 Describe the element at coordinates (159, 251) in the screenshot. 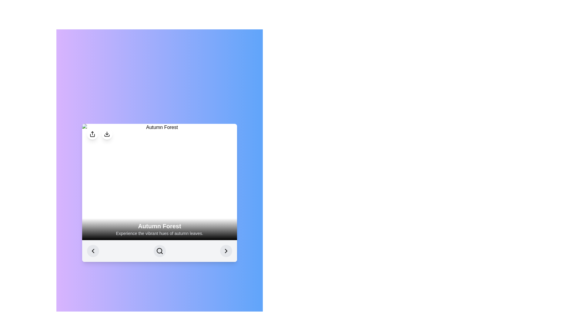

I see `the interactive button located at the center of the row of three buttons at the base of the card` at that location.